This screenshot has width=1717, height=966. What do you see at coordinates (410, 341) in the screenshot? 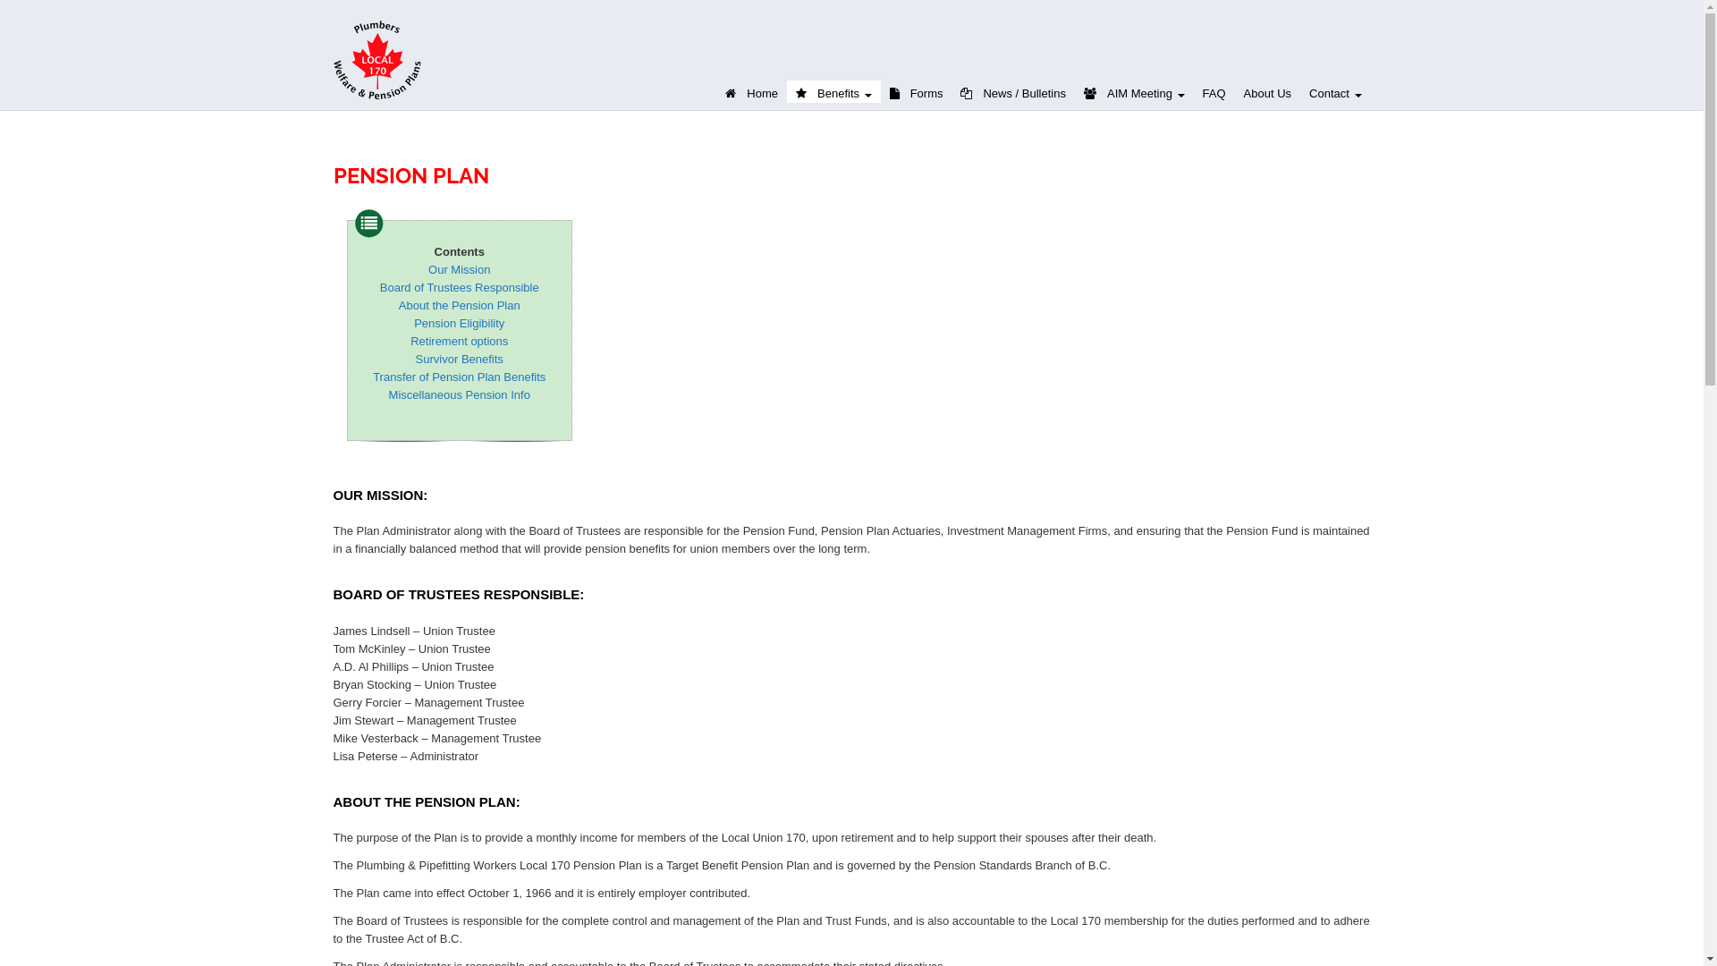
I see `'Retirement options'` at bounding box center [410, 341].